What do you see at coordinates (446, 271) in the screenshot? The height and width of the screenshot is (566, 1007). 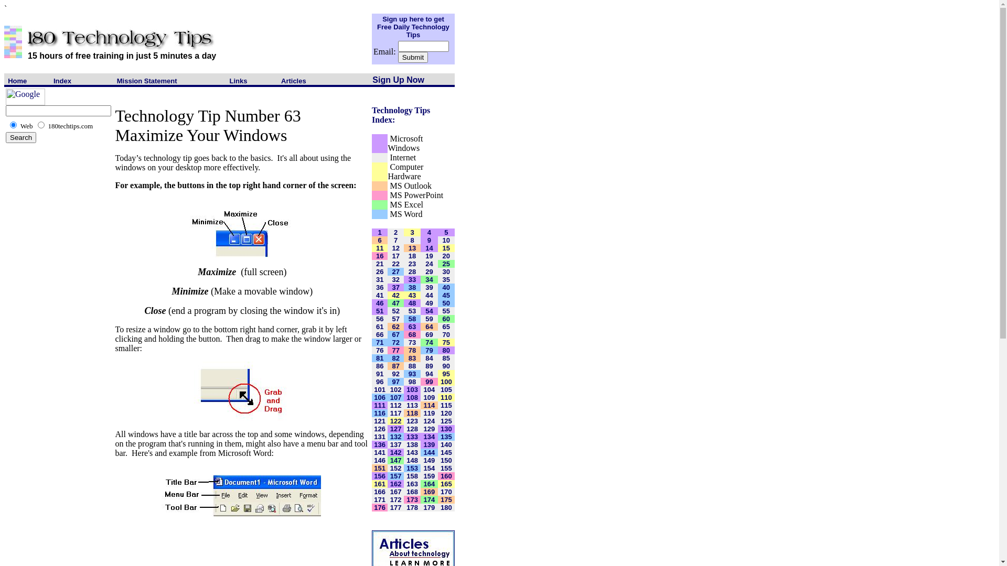 I see `'30'` at bounding box center [446, 271].